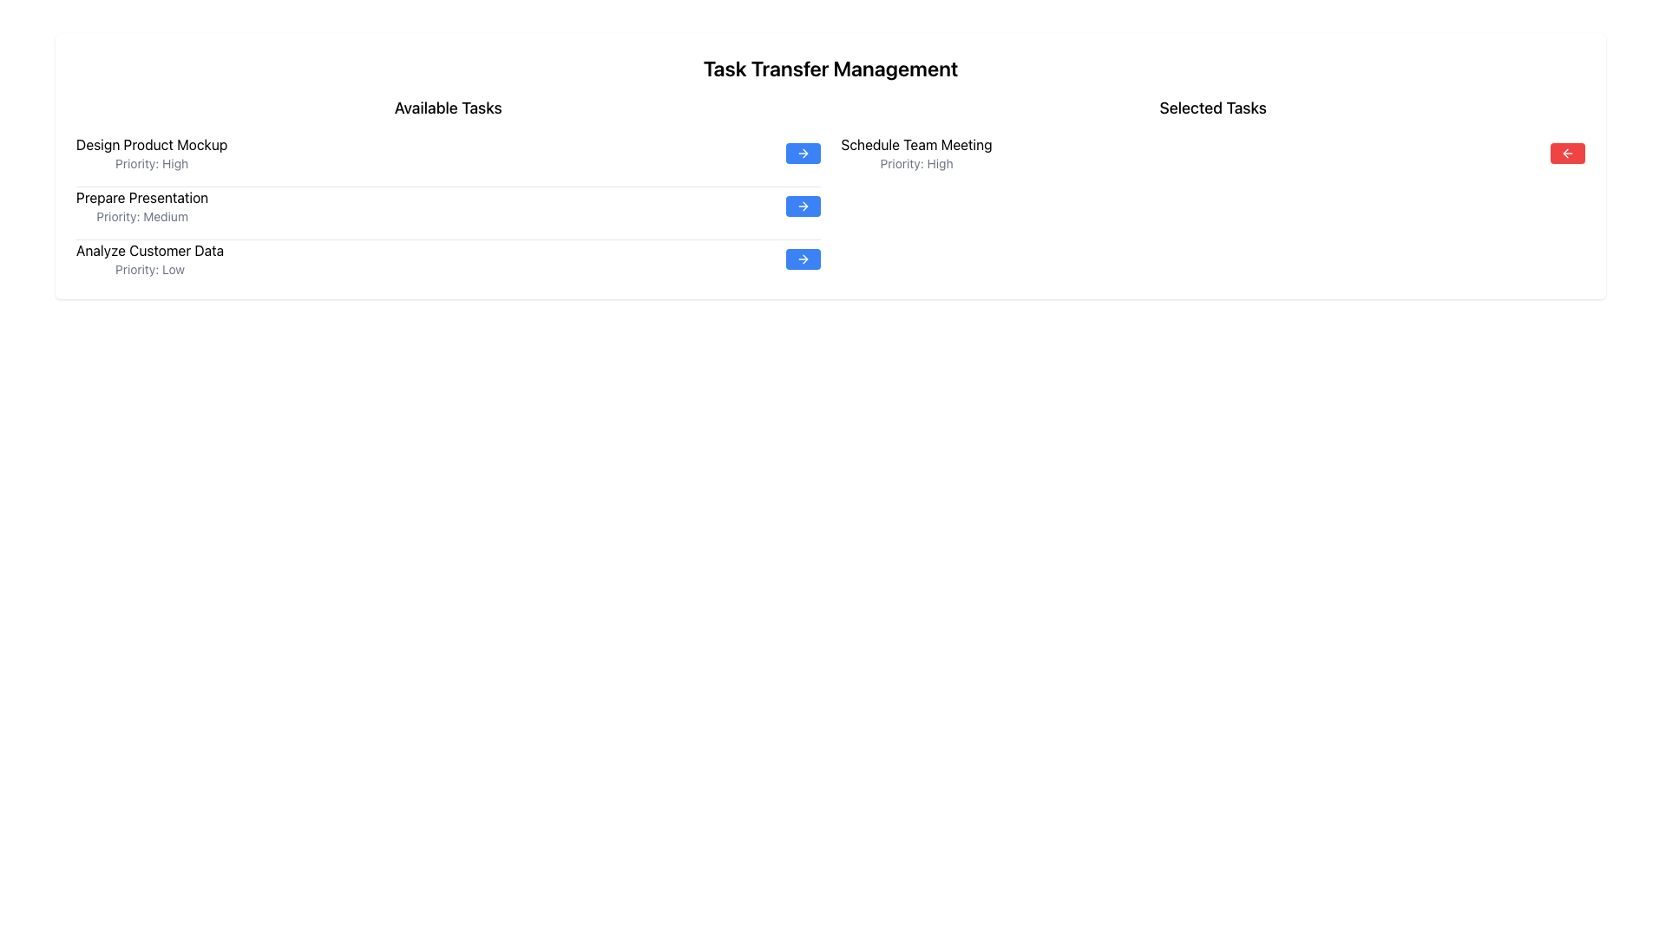 The height and width of the screenshot is (937, 1666). I want to click on the button located next to the task labeled 'Prepare Presentation' with priority indicator 'Priority: Medium', so click(802, 206).